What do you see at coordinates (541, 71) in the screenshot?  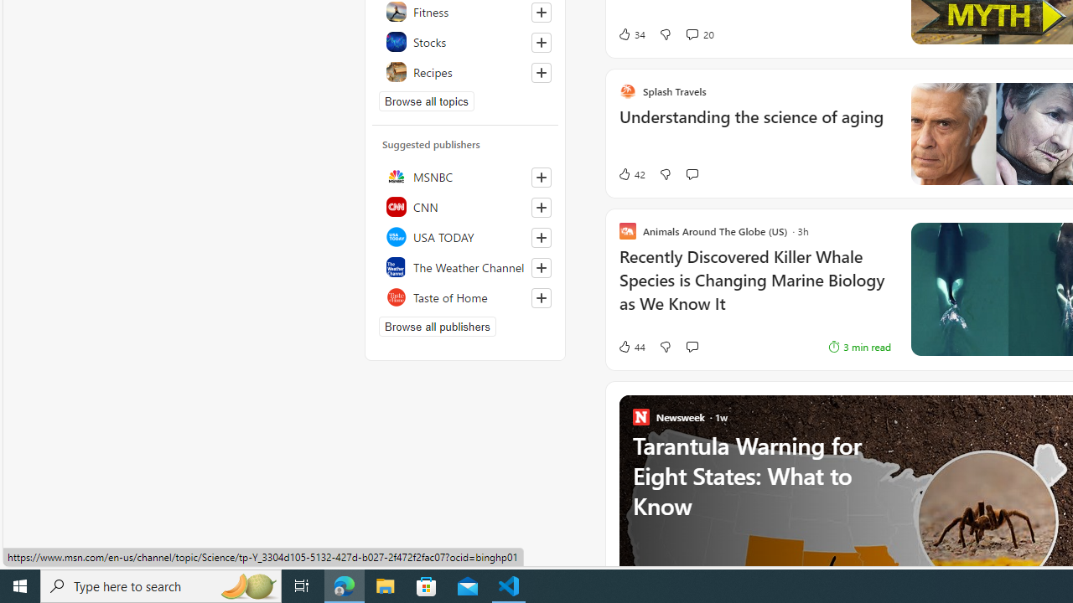 I see `'Follow this topic'` at bounding box center [541, 71].